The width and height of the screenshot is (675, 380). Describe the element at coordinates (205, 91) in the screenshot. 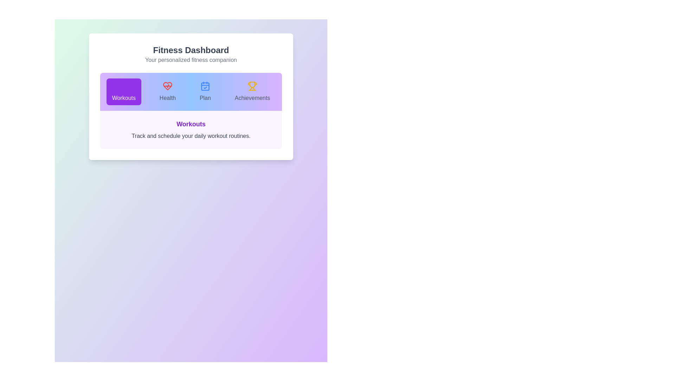

I see `the 'Plan' tab to select it` at that location.